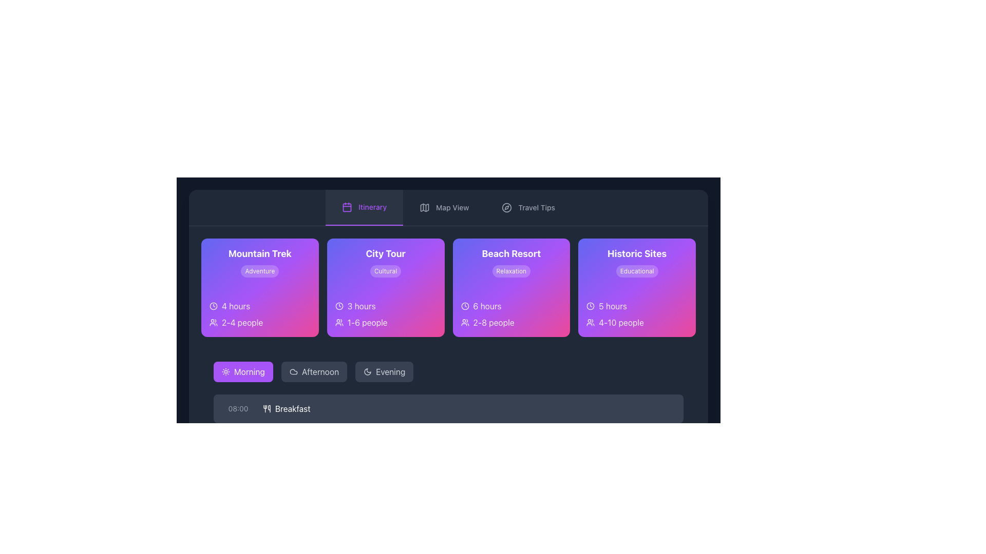  Describe the element at coordinates (636, 261) in the screenshot. I see `the 'Historic Sites' text and 'Educational' badge descriptor located in the top-center area of the last card in the horizontally arranged set of cards` at that location.